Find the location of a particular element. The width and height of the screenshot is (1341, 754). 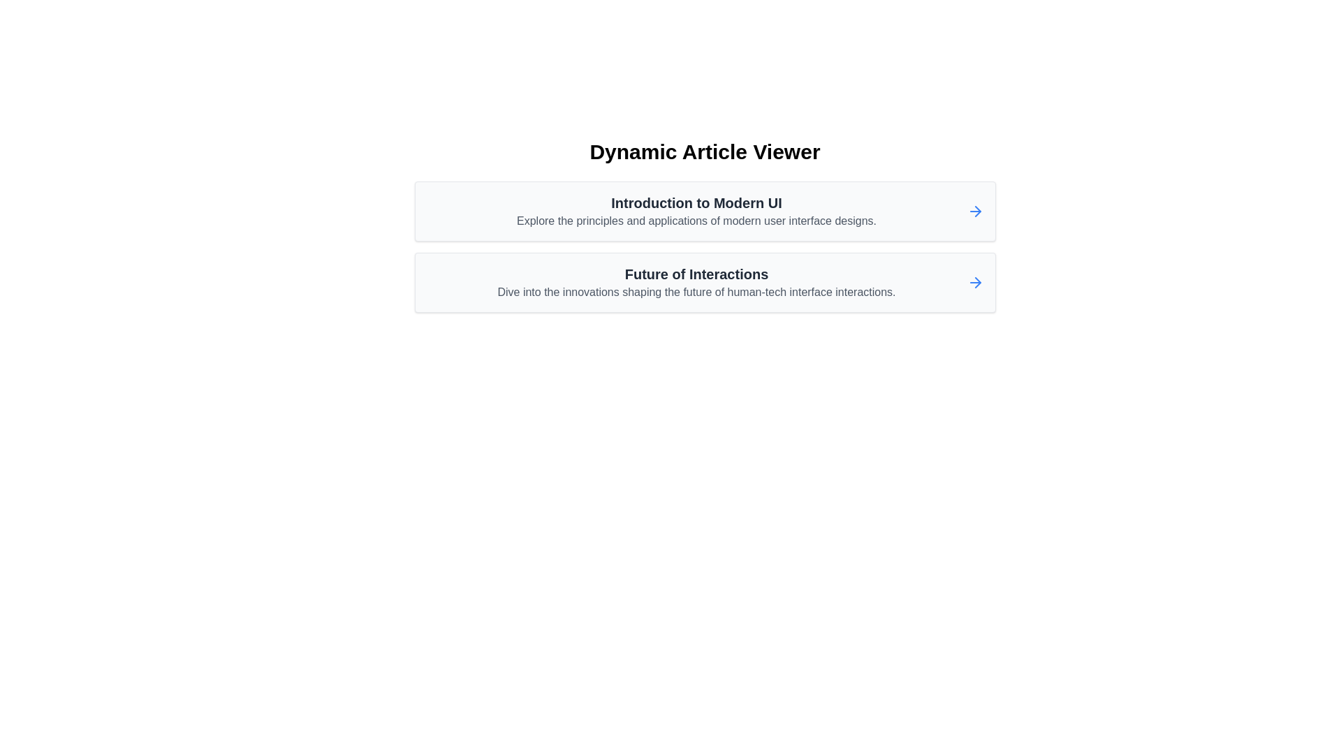

the right-pointing arrow icon styled in blue, located on the right side of the first content item titled 'Introduction to Modern UI' is located at coordinates (977, 212).